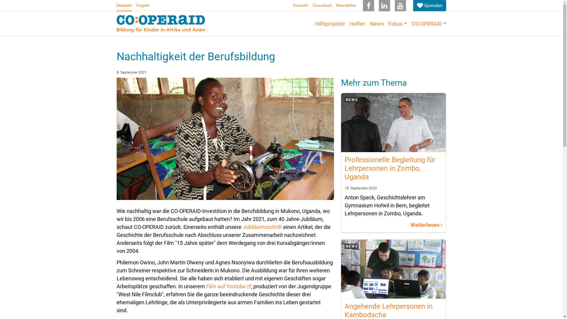 The image size is (567, 319). Describe the element at coordinates (377, 23) in the screenshot. I see `'News'` at that location.